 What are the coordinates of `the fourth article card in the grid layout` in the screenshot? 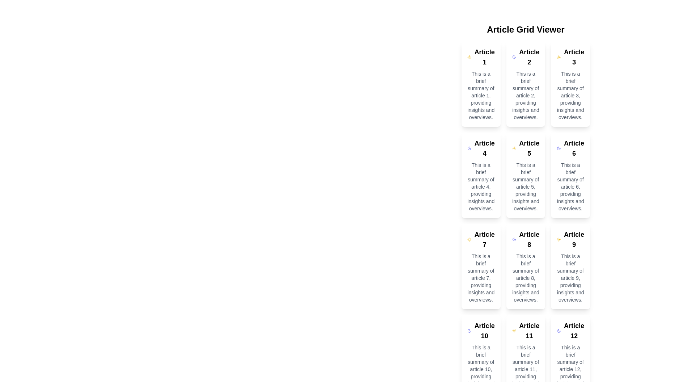 It's located at (481, 175).